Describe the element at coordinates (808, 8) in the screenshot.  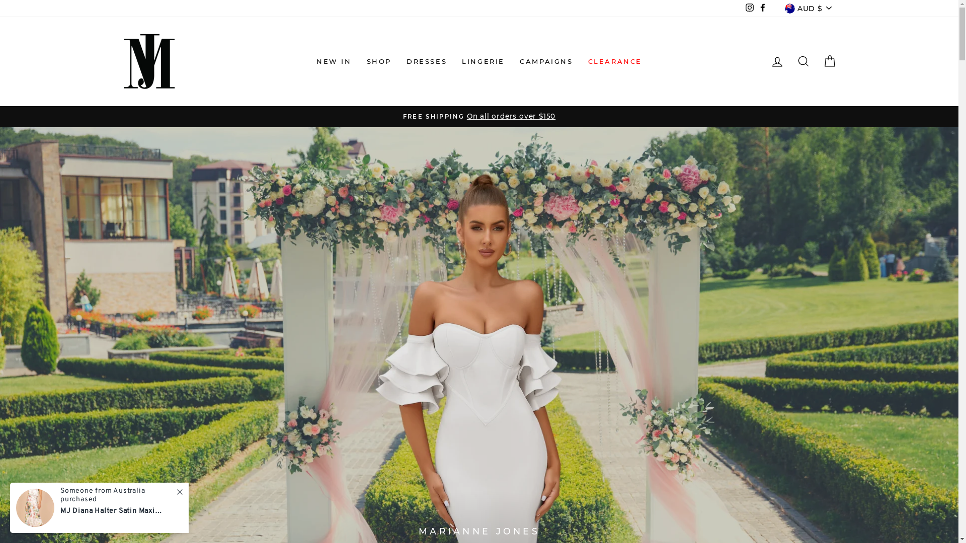
I see `'AUD $'` at that location.